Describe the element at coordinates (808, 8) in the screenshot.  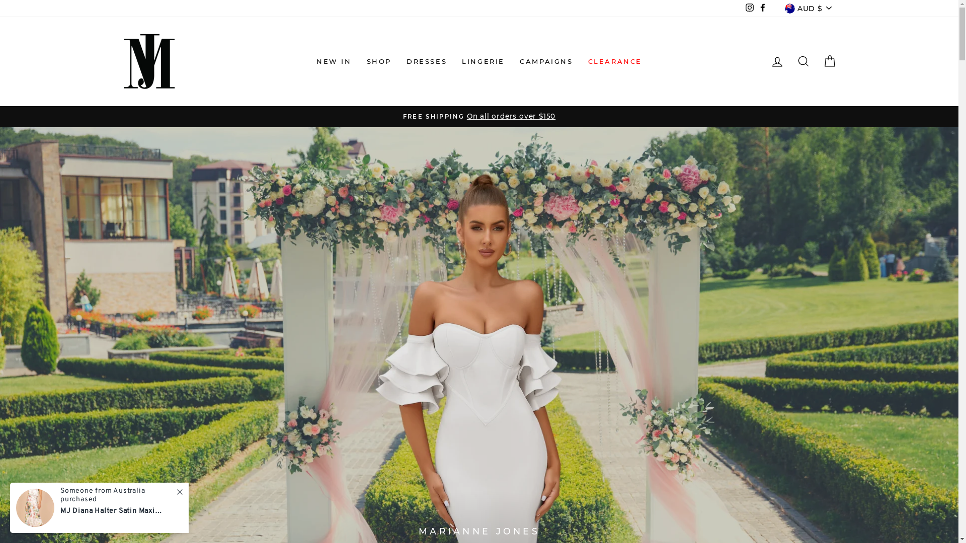
I see `'AUD $'` at that location.